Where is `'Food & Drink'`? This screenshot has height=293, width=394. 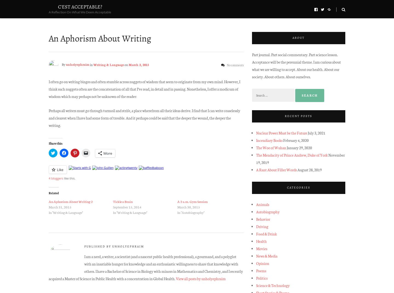 'Food & Drink' is located at coordinates (266, 234).